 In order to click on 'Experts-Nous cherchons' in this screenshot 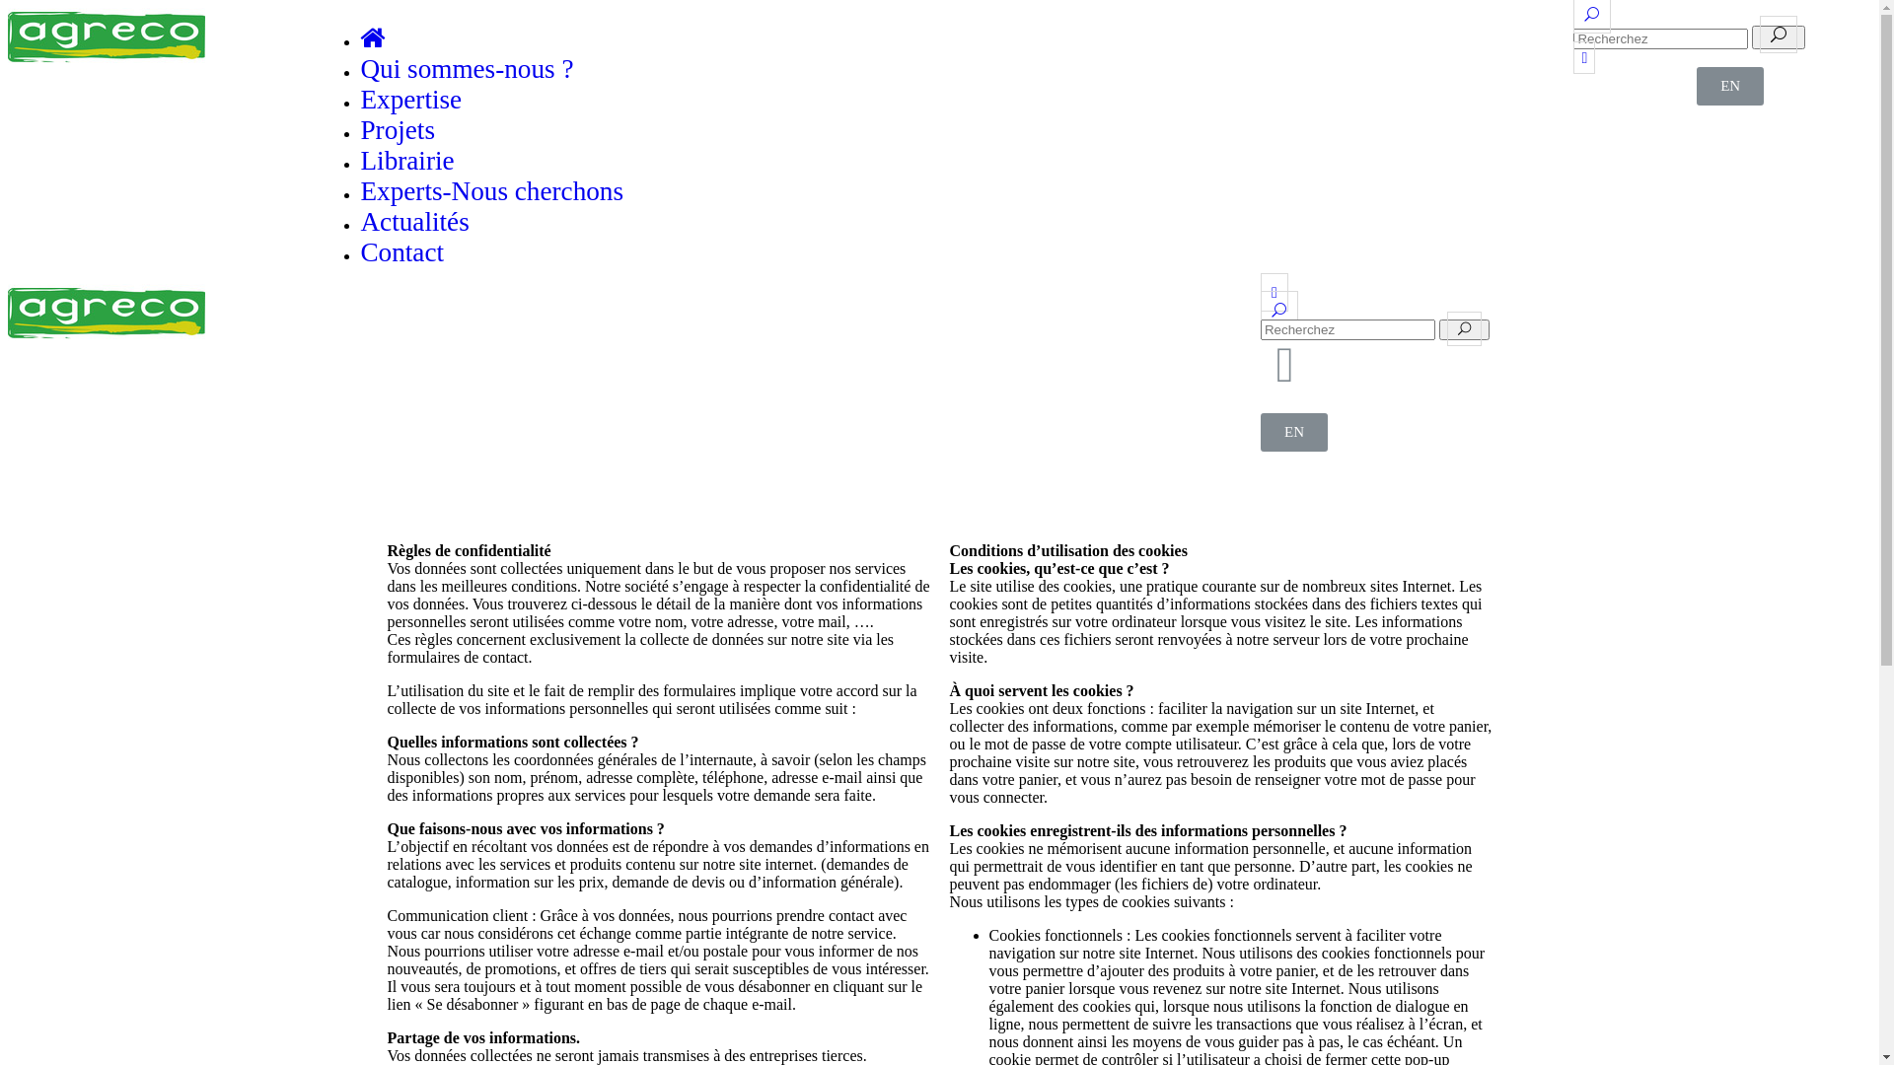, I will do `click(359, 190)`.